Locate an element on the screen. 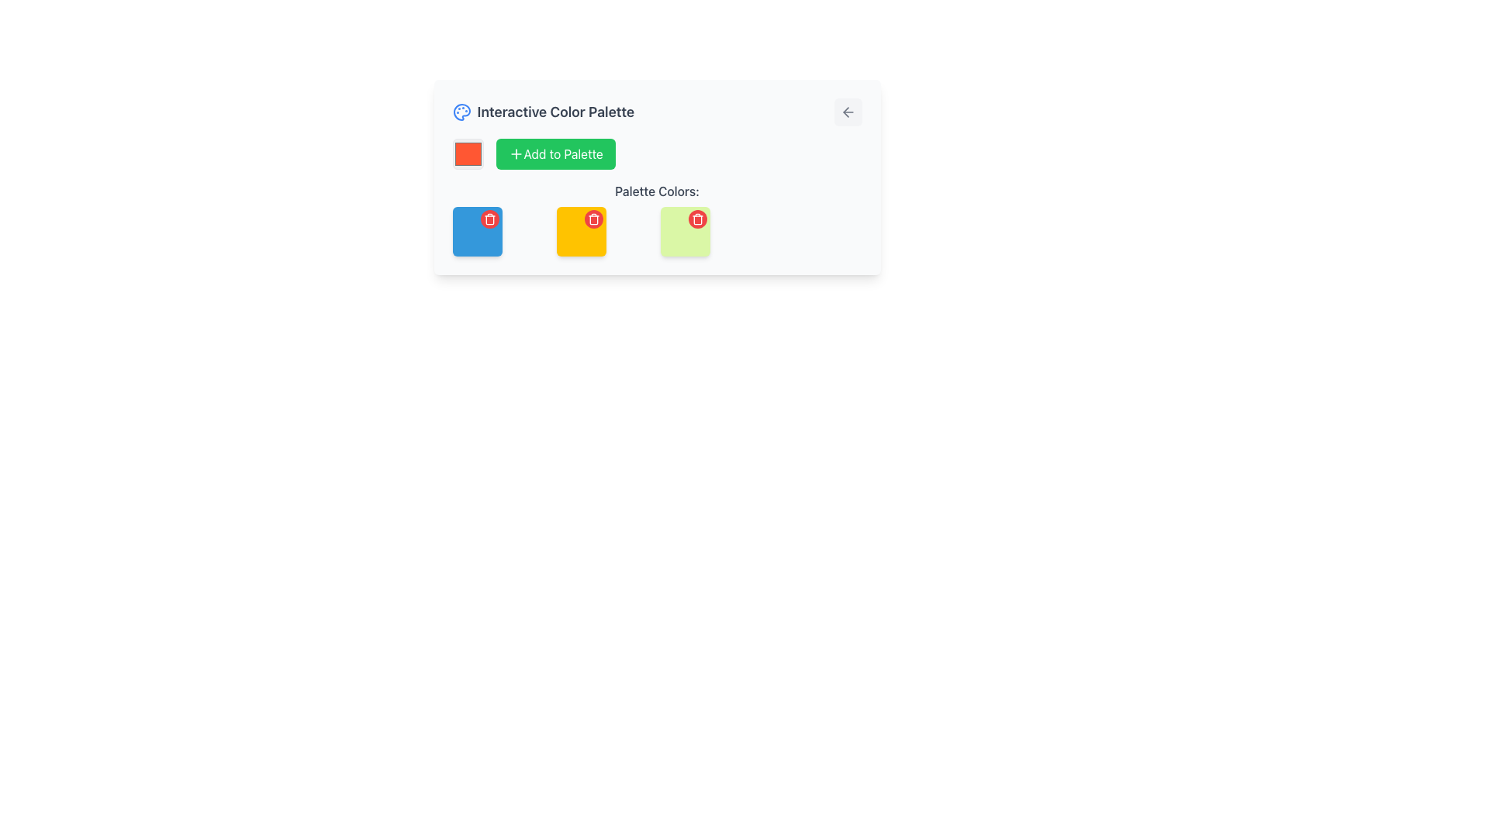 The height and width of the screenshot is (837, 1489). the red circular button with a trash can icon located at the top-right corner of the yellow square tile is located at coordinates (592, 219).